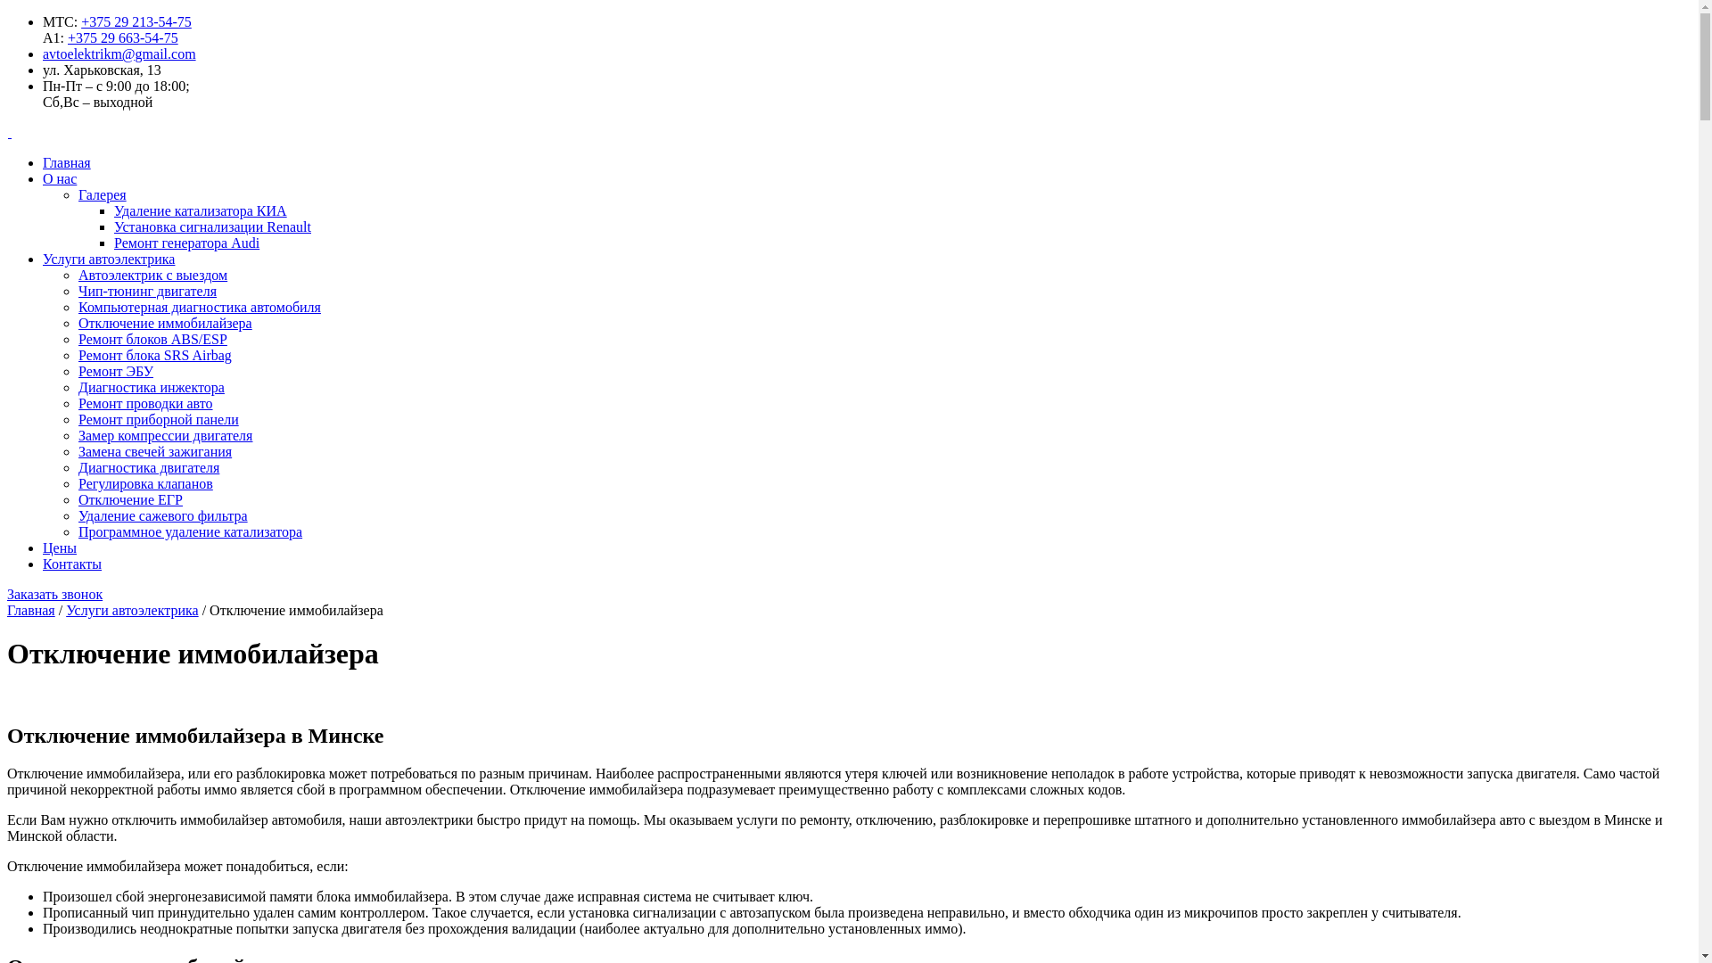 The image size is (1712, 963). I want to click on 'avtoelektrikm@gmail.com', so click(119, 53).